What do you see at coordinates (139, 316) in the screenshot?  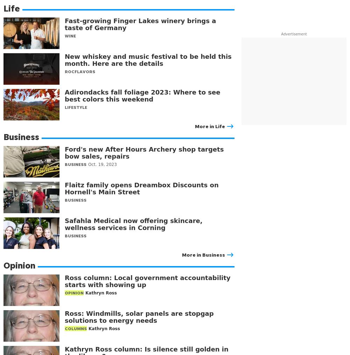 I see `'Ross: Windmills, solar panels are stopgap solutions to energy needs'` at bounding box center [139, 316].